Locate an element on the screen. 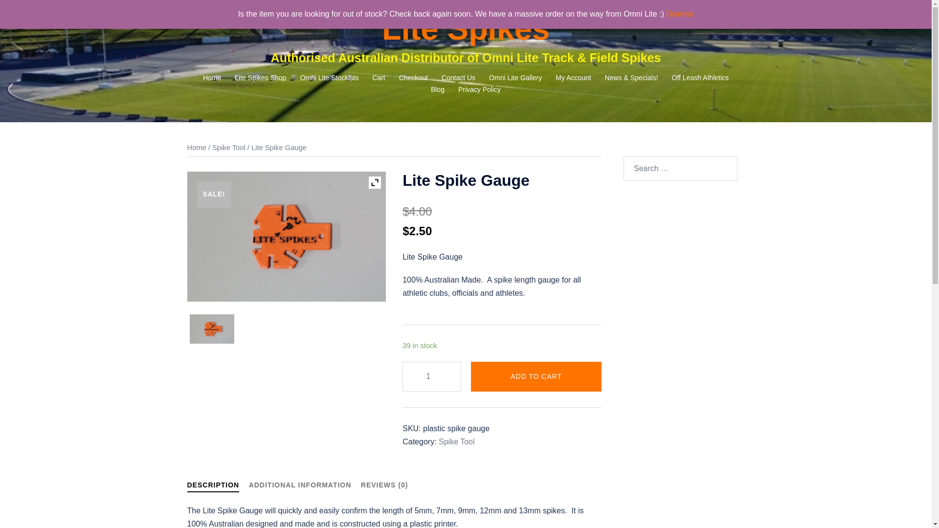  'Lite Spikes Shop' is located at coordinates (260, 77).